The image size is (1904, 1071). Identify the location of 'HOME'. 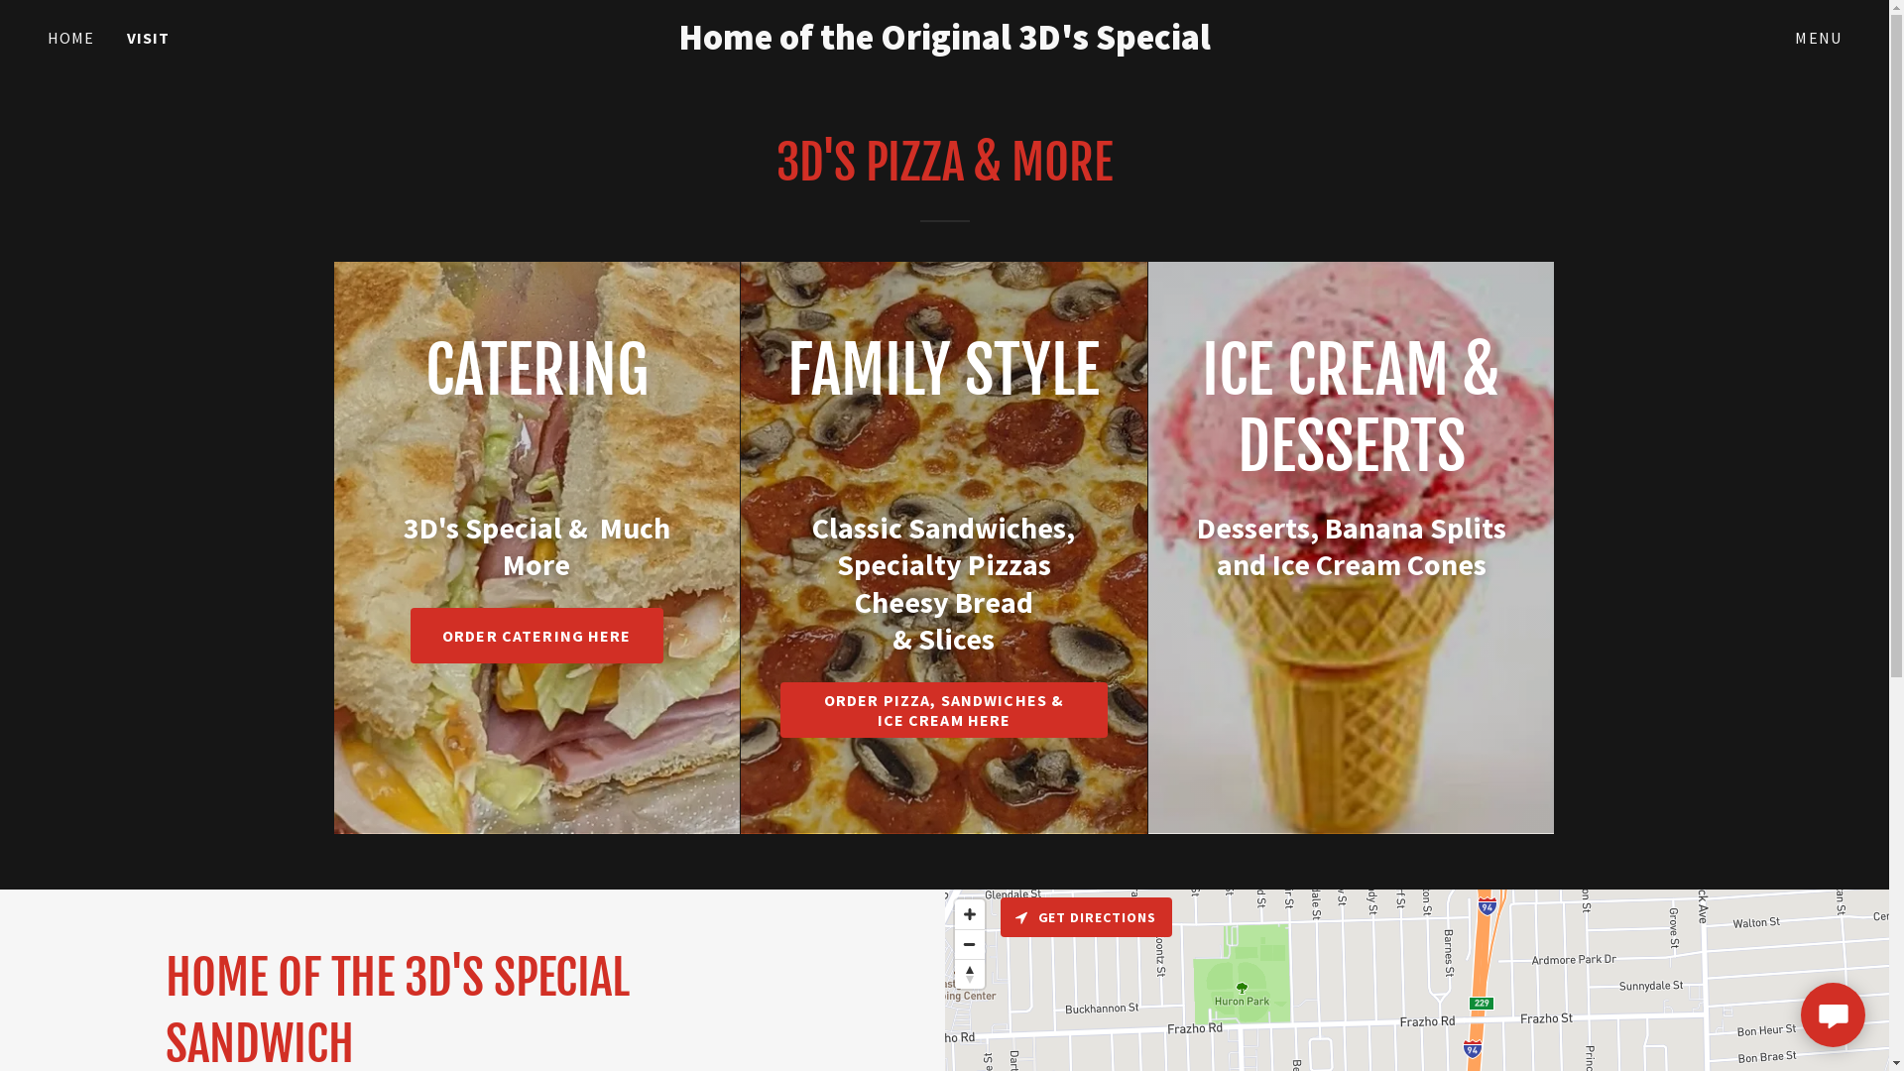
(71, 38).